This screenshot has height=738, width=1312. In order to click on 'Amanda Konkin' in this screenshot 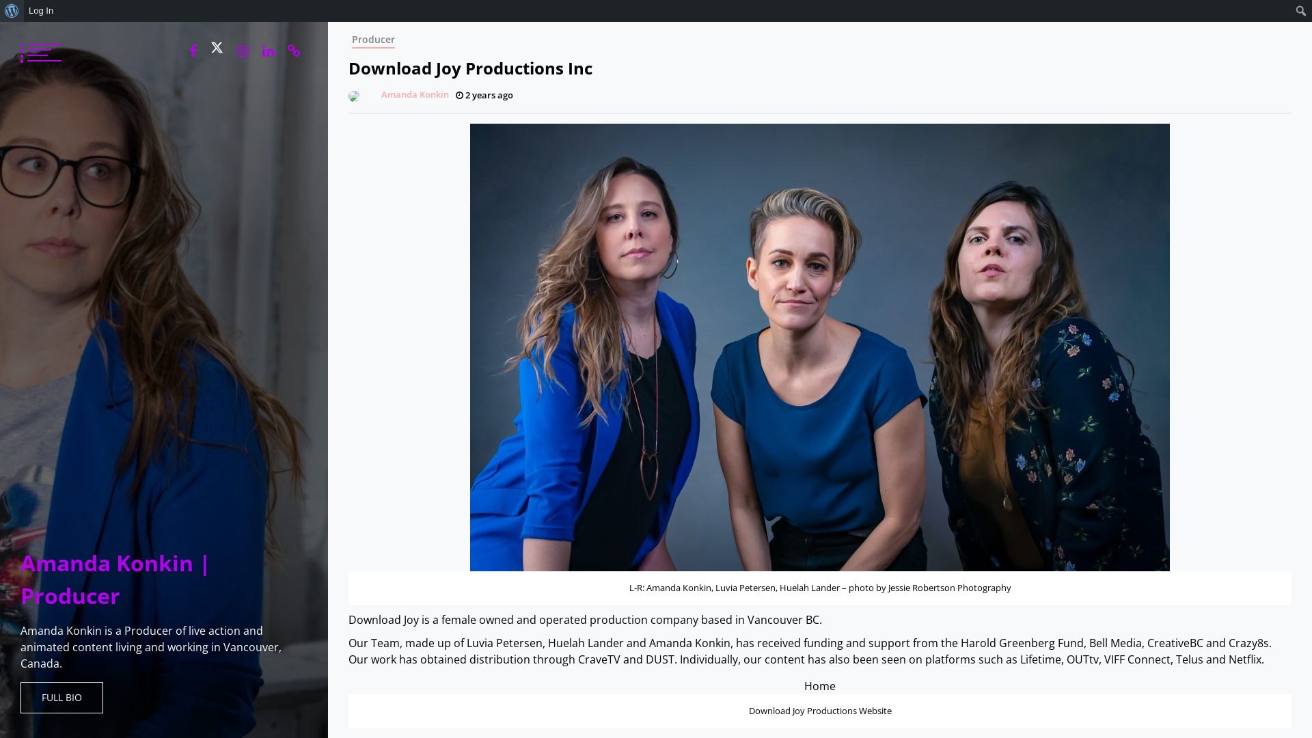, I will do `click(344, 94)`.